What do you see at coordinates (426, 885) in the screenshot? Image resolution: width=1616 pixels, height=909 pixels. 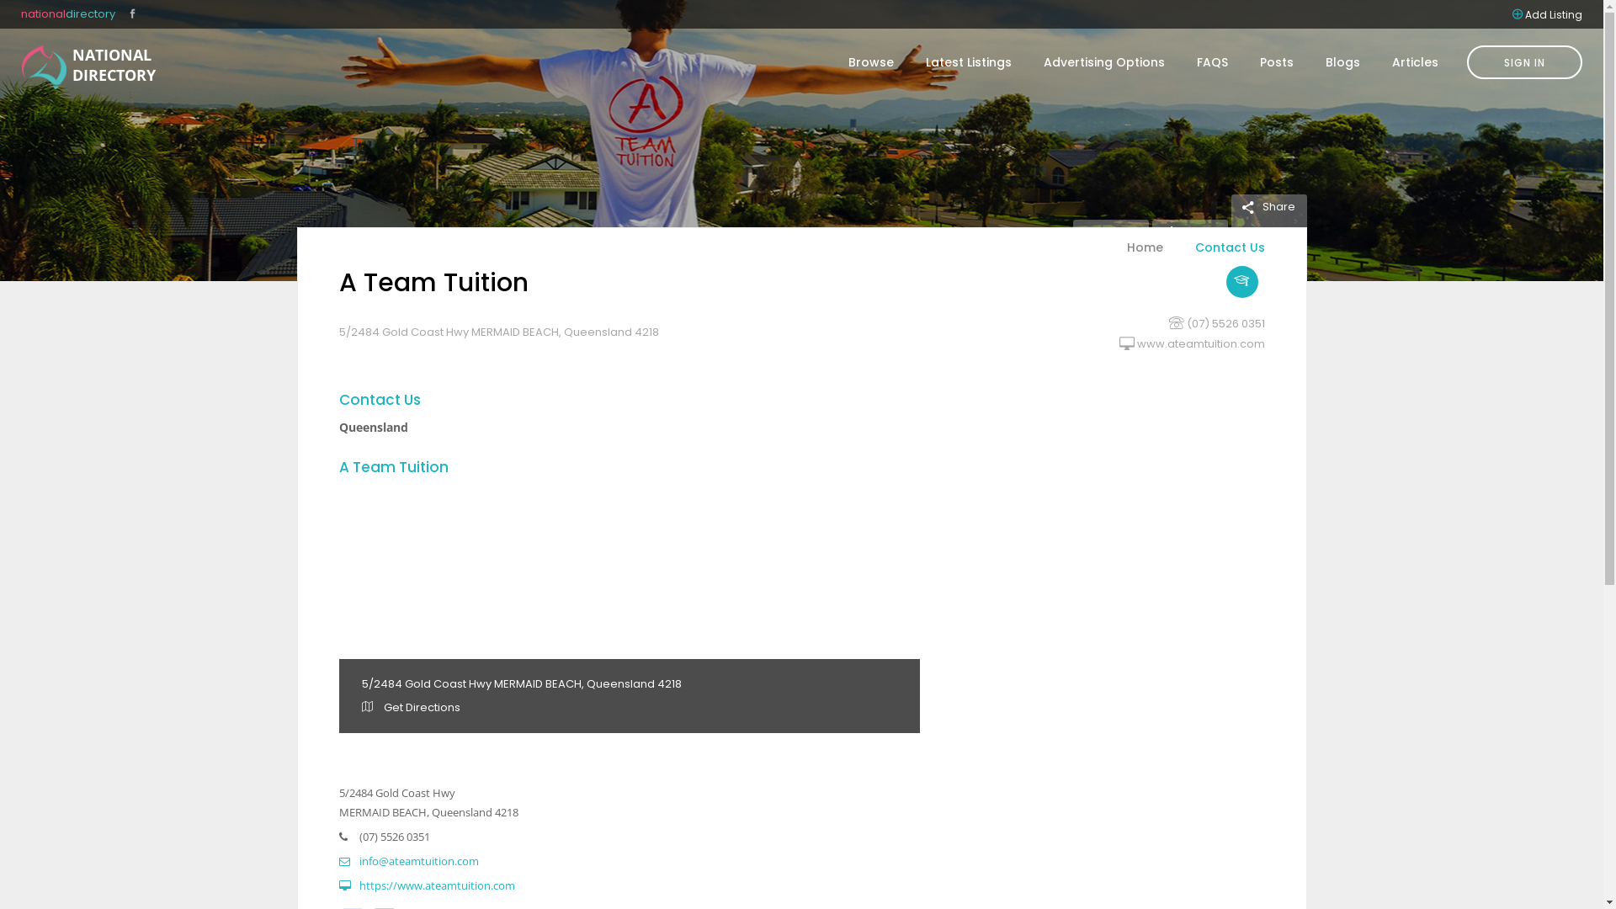 I see `'https://www.ateamtuition.com'` at bounding box center [426, 885].